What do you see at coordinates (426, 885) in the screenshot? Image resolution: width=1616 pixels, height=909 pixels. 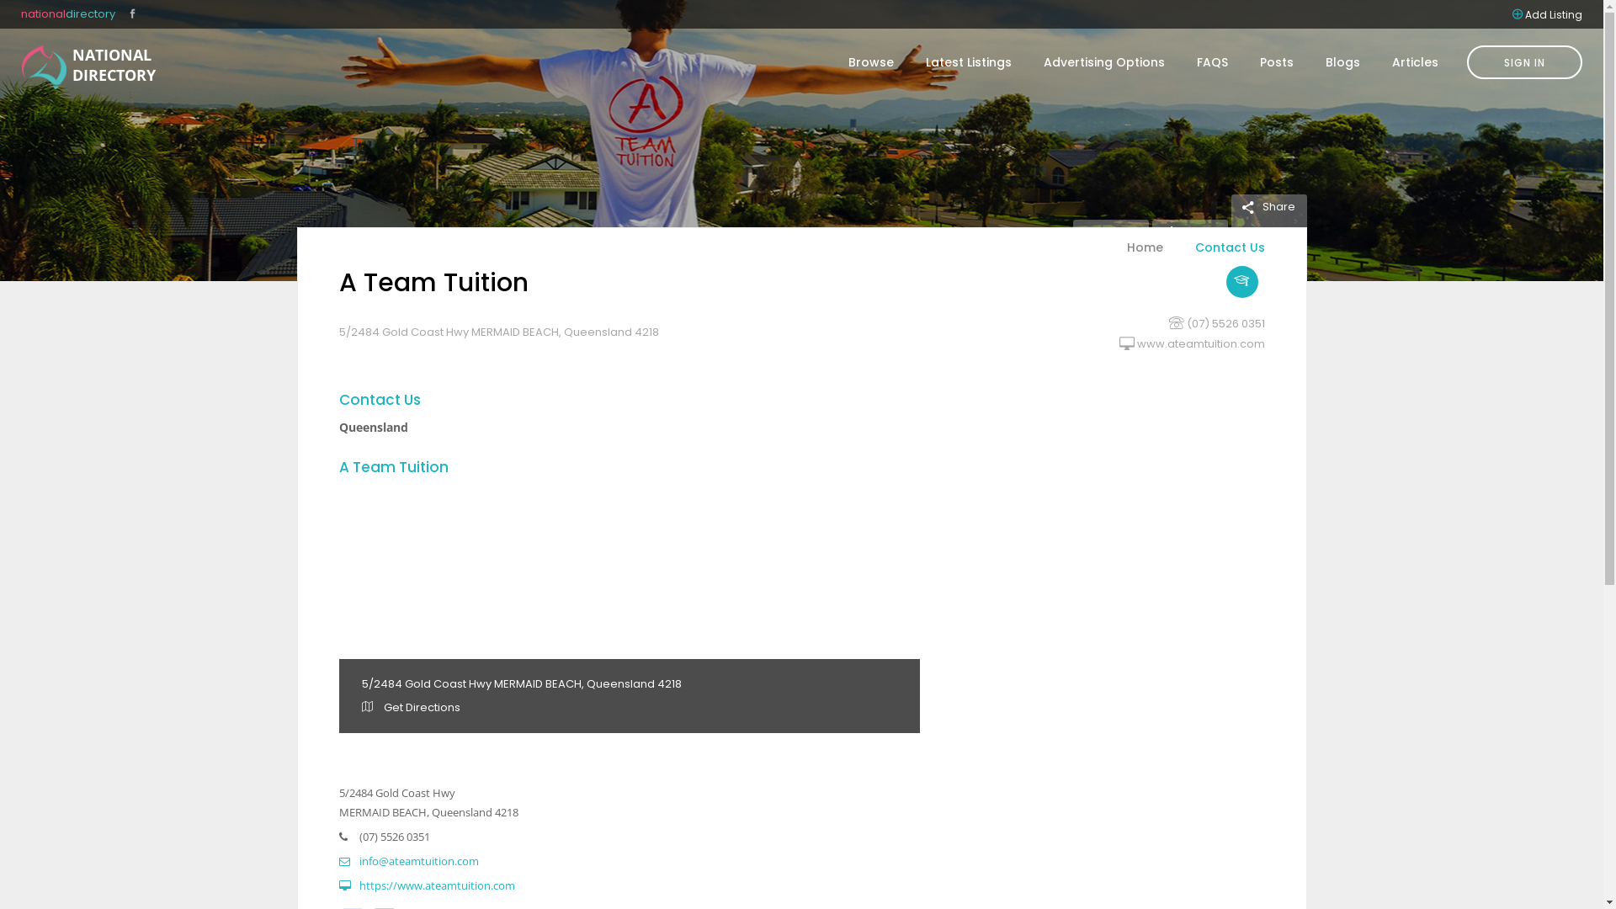 I see `'https://www.ateamtuition.com'` at bounding box center [426, 885].